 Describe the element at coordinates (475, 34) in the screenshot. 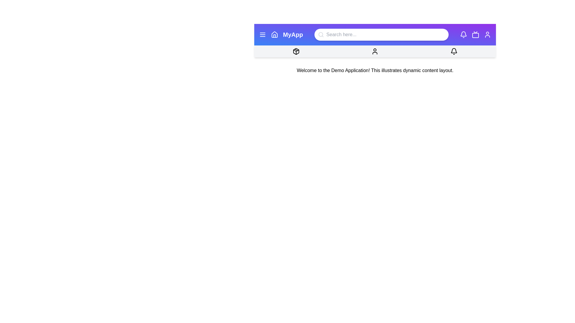

I see `the TV icon to initiate media-related actions` at that location.